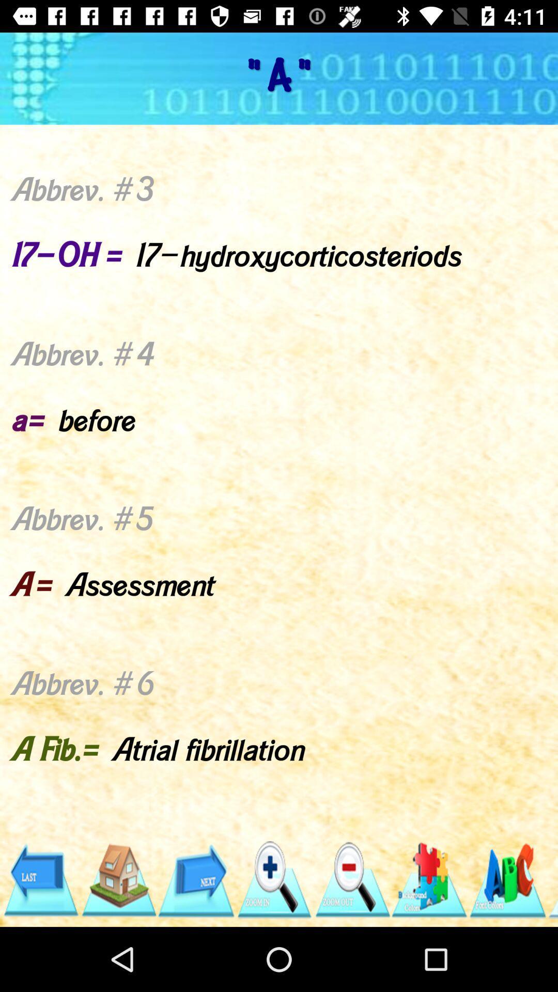  I want to click on previous, so click(40, 879).